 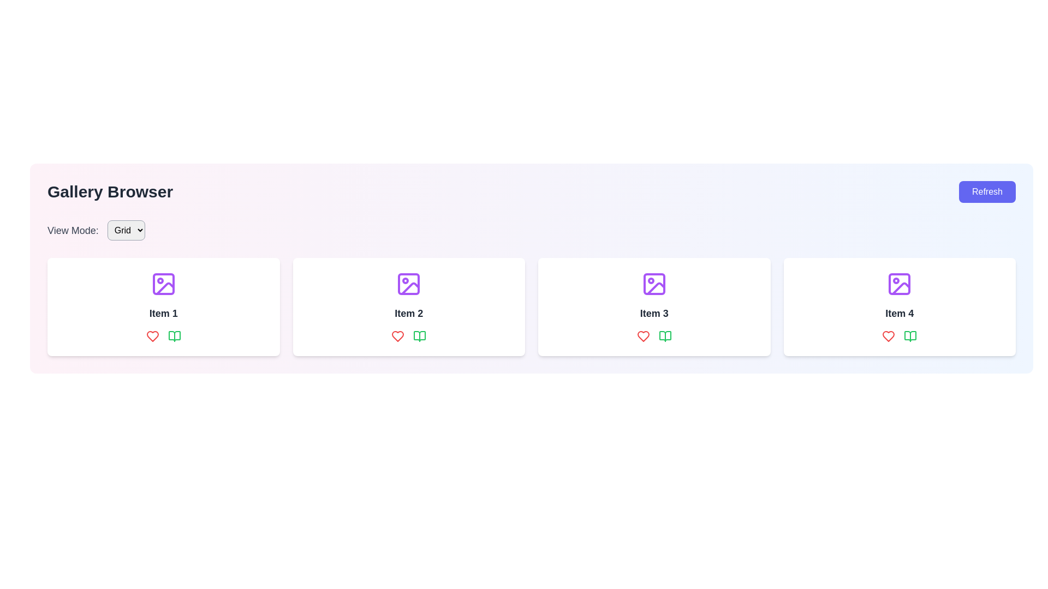 I want to click on the book-related icon or button located in the third column under 'Item 3', to the right of the red heart icon, so click(x=664, y=336).